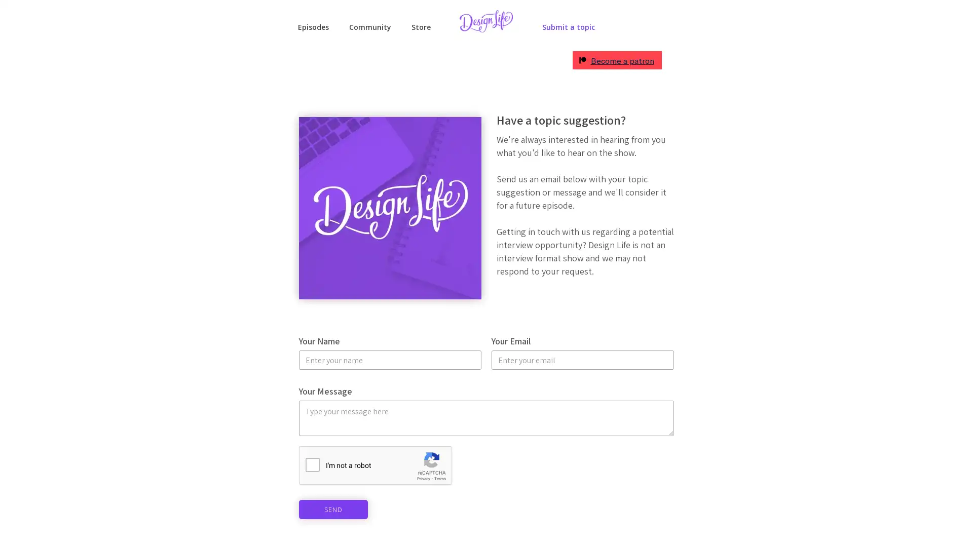 Image resolution: width=973 pixels, height=547 pixels. Describe the element at coordinates (333, 510) in the screenshot. I see `Send` at that location.